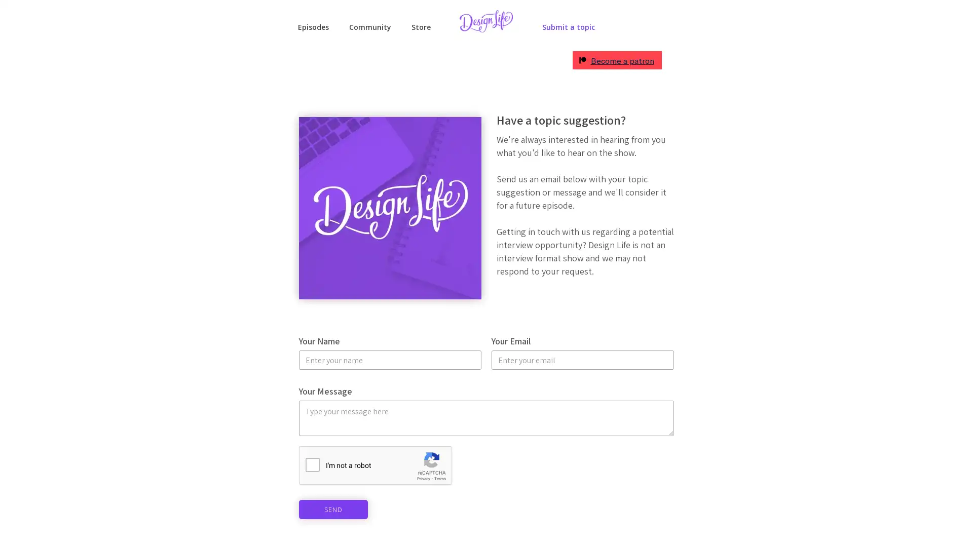 Image resolution: width=973 pixels, height=547 pixels. Describe the element at coordinates (333, 510) in the screenshot. I see `Send` at that location.